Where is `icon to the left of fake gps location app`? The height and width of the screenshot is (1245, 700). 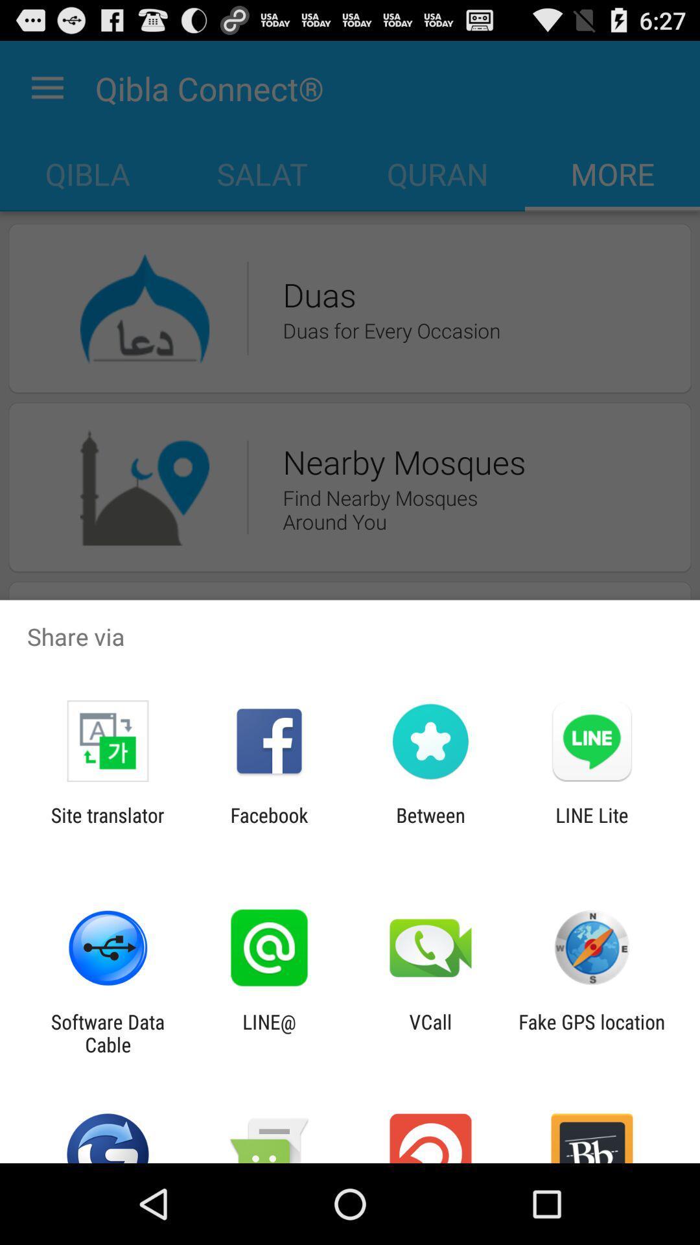
icon to the left of fake gps location app is located at coordinates (430, 1032).